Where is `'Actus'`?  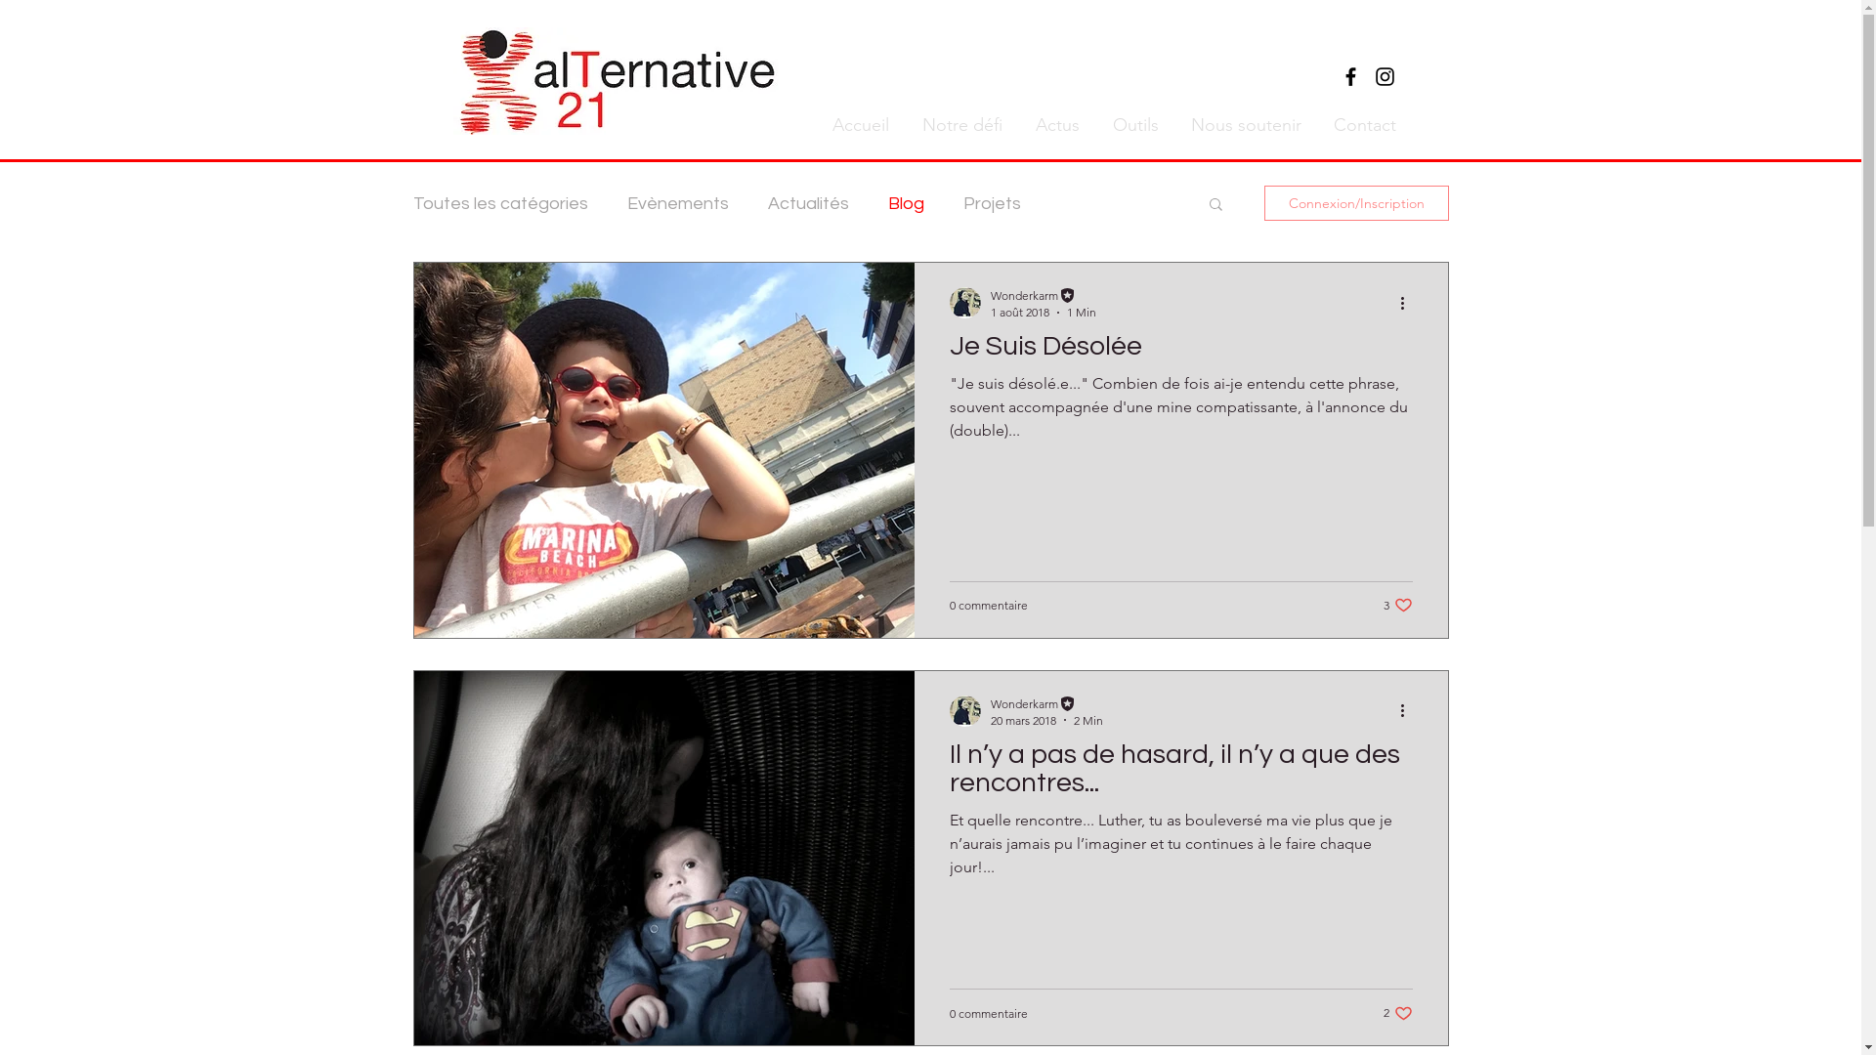 'Actus' is located at coordinates (1016, 124).